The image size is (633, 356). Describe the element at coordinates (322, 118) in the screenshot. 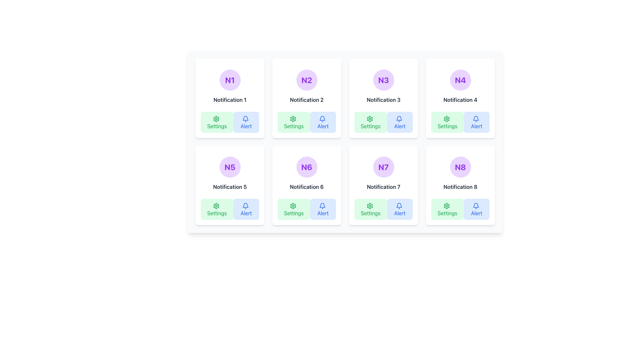

I see `the bell-shaped icon with blue outlines located in the bottom section of the card labeled 'Notification 2'` at that location.